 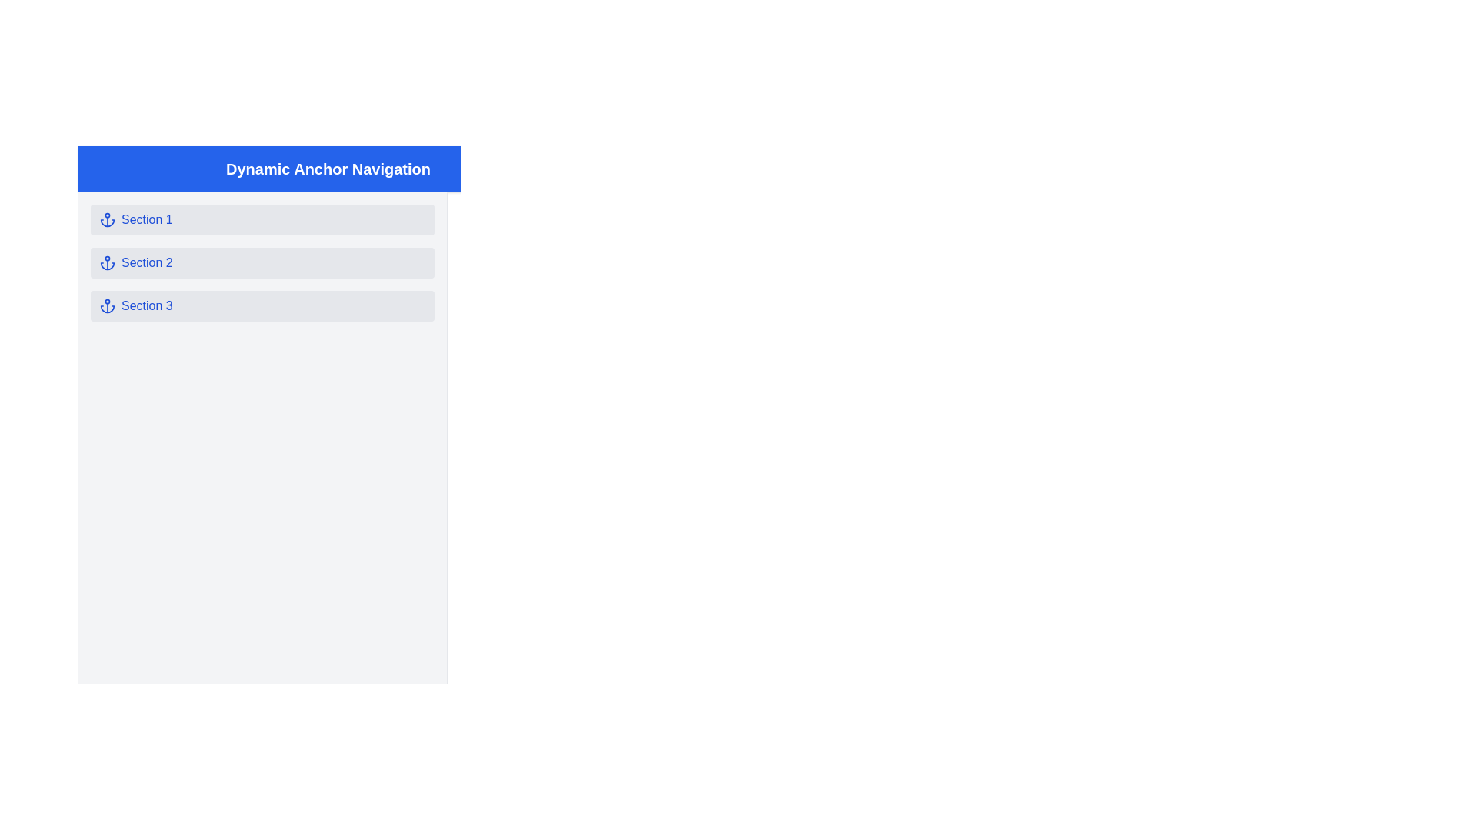 I want to click on the navigation icon located in the left panel of the interface, next to the label 'Section 1', so click(x=106, y=219).